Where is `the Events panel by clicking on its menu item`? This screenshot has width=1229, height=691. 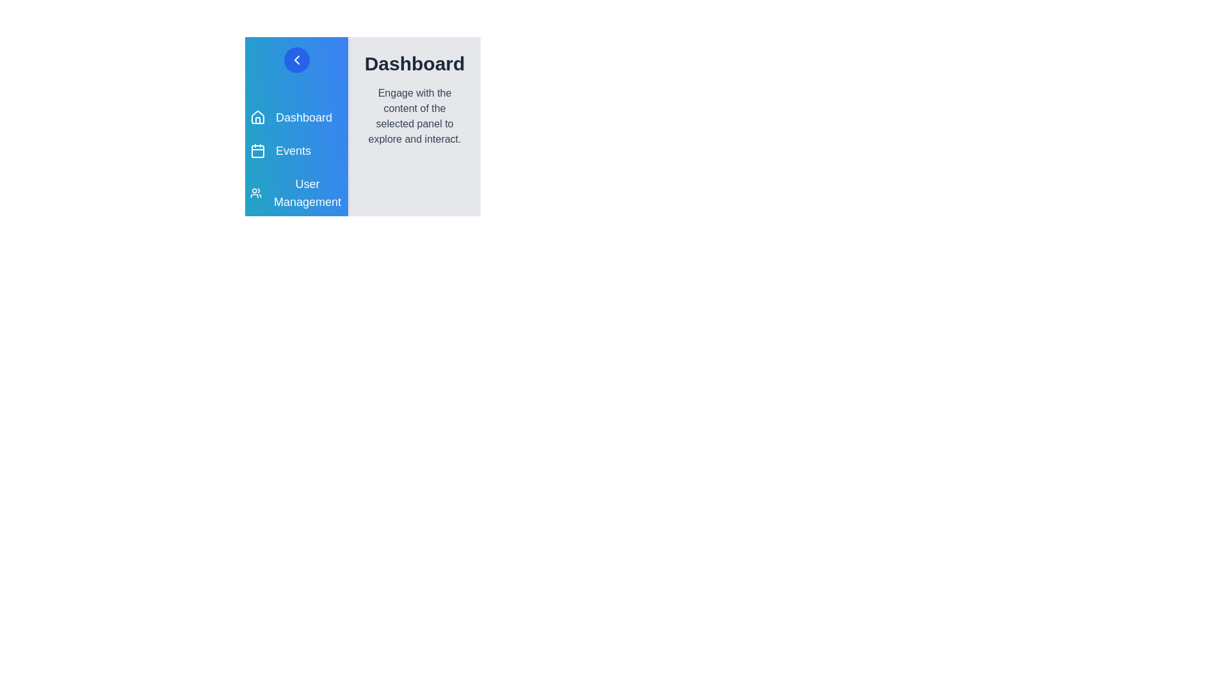
the Events panel by clicking on its menu item is located at coordinates (296, 150).